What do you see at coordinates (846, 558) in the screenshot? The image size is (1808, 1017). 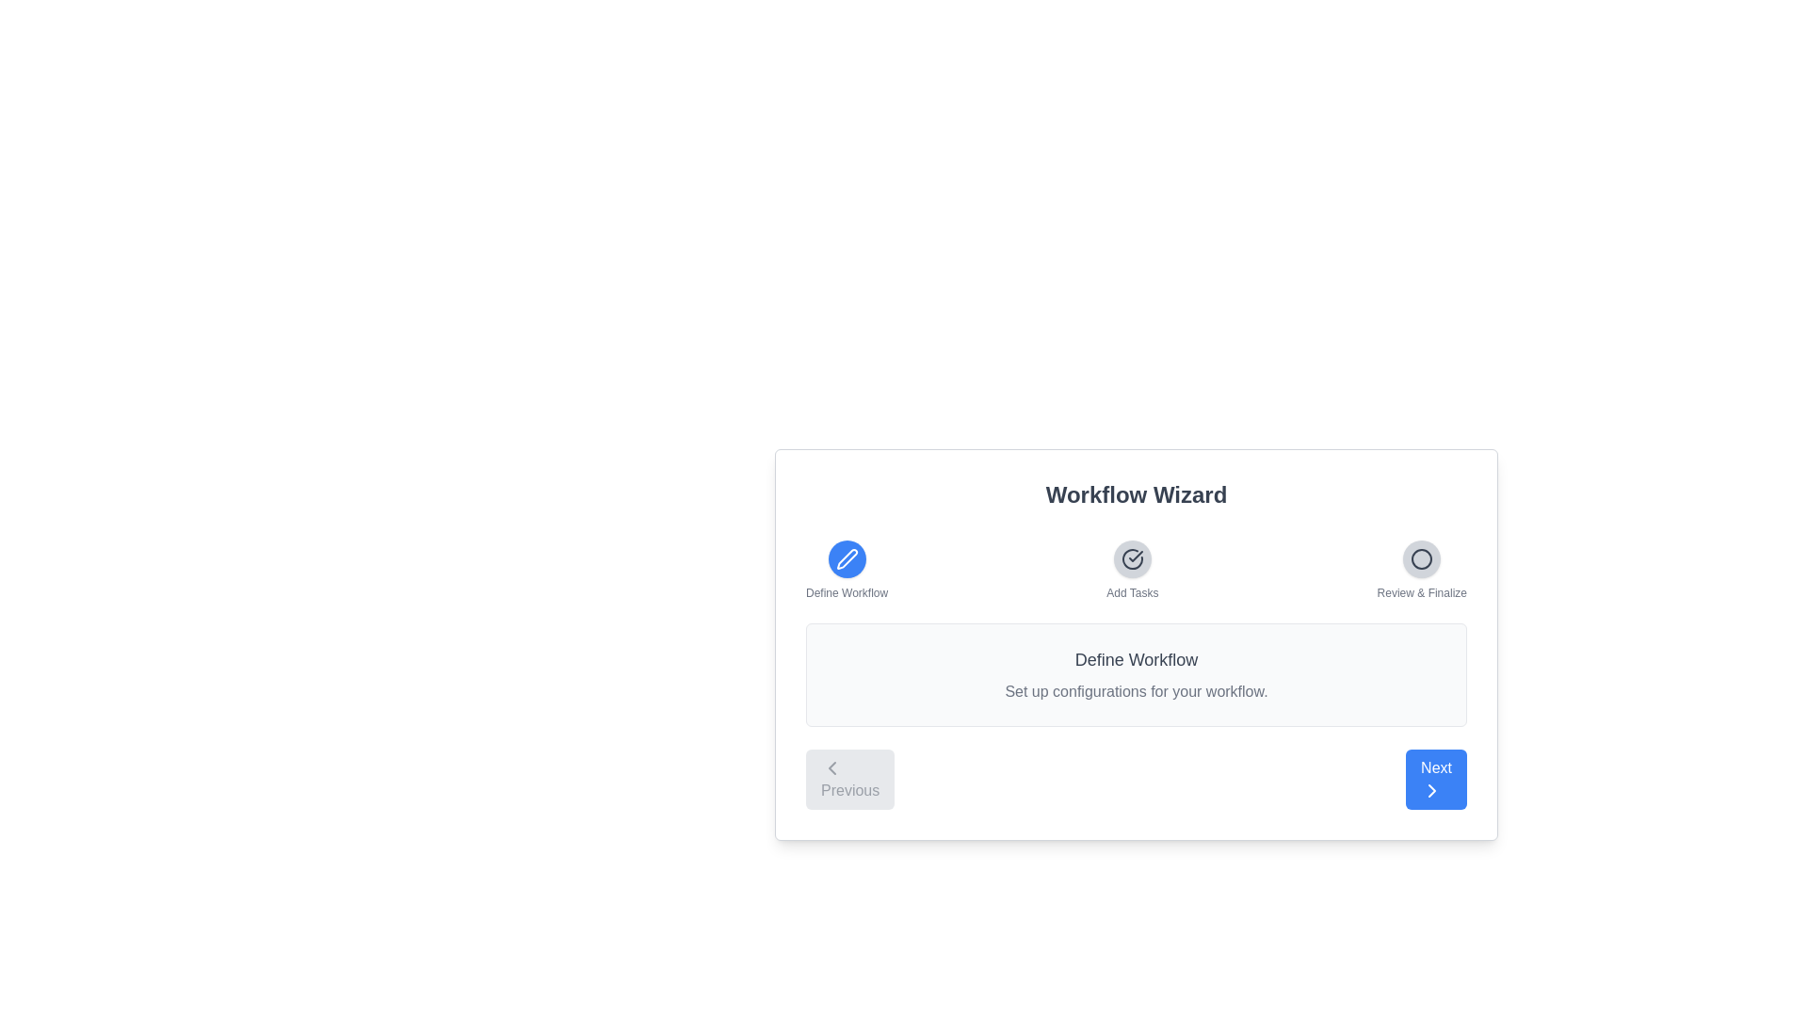 I see `the circular blue button with a white pen icon located at the top left of the workflow interface, which is part of the 'Define Workflow' step in the workflow wizard` at bounding box center [846, 558].